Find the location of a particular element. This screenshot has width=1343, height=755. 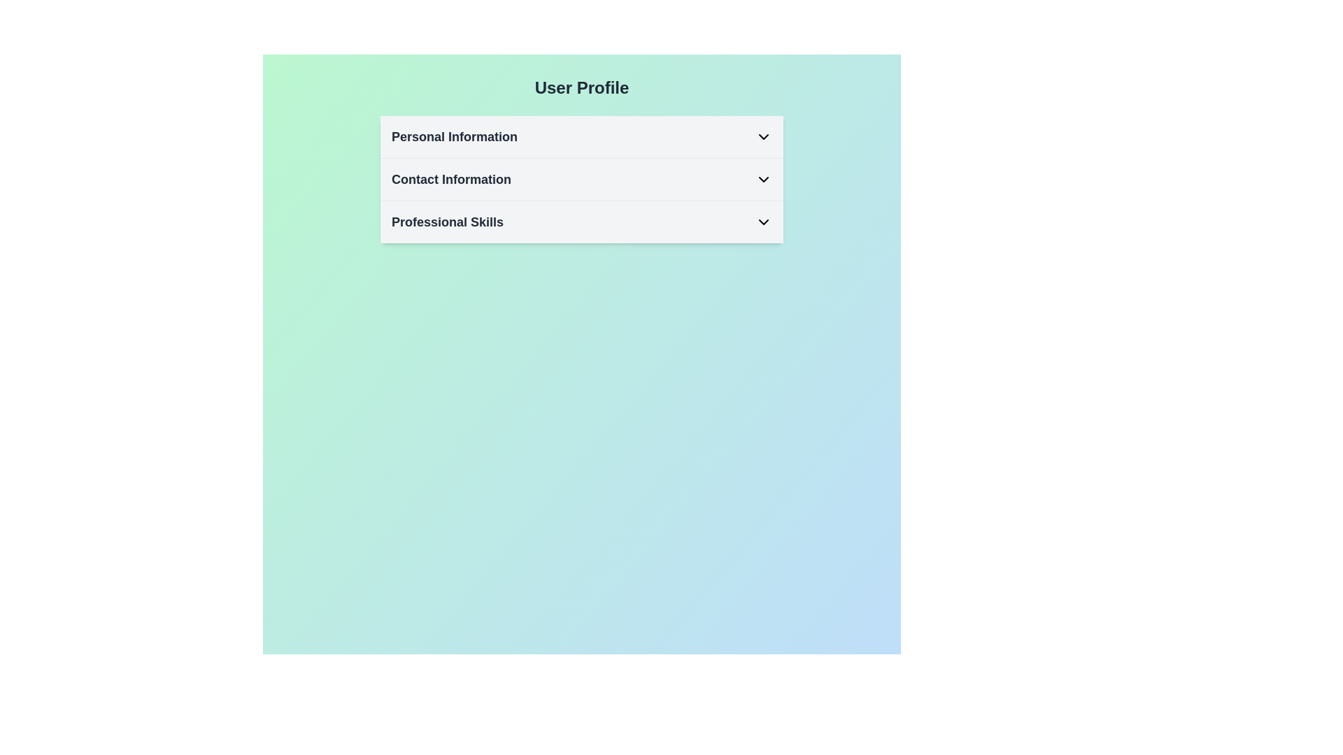

the chevron-down icon representing the dropdown toggle for the 'Professional Skills' menu is located at coordinates (762, 221).